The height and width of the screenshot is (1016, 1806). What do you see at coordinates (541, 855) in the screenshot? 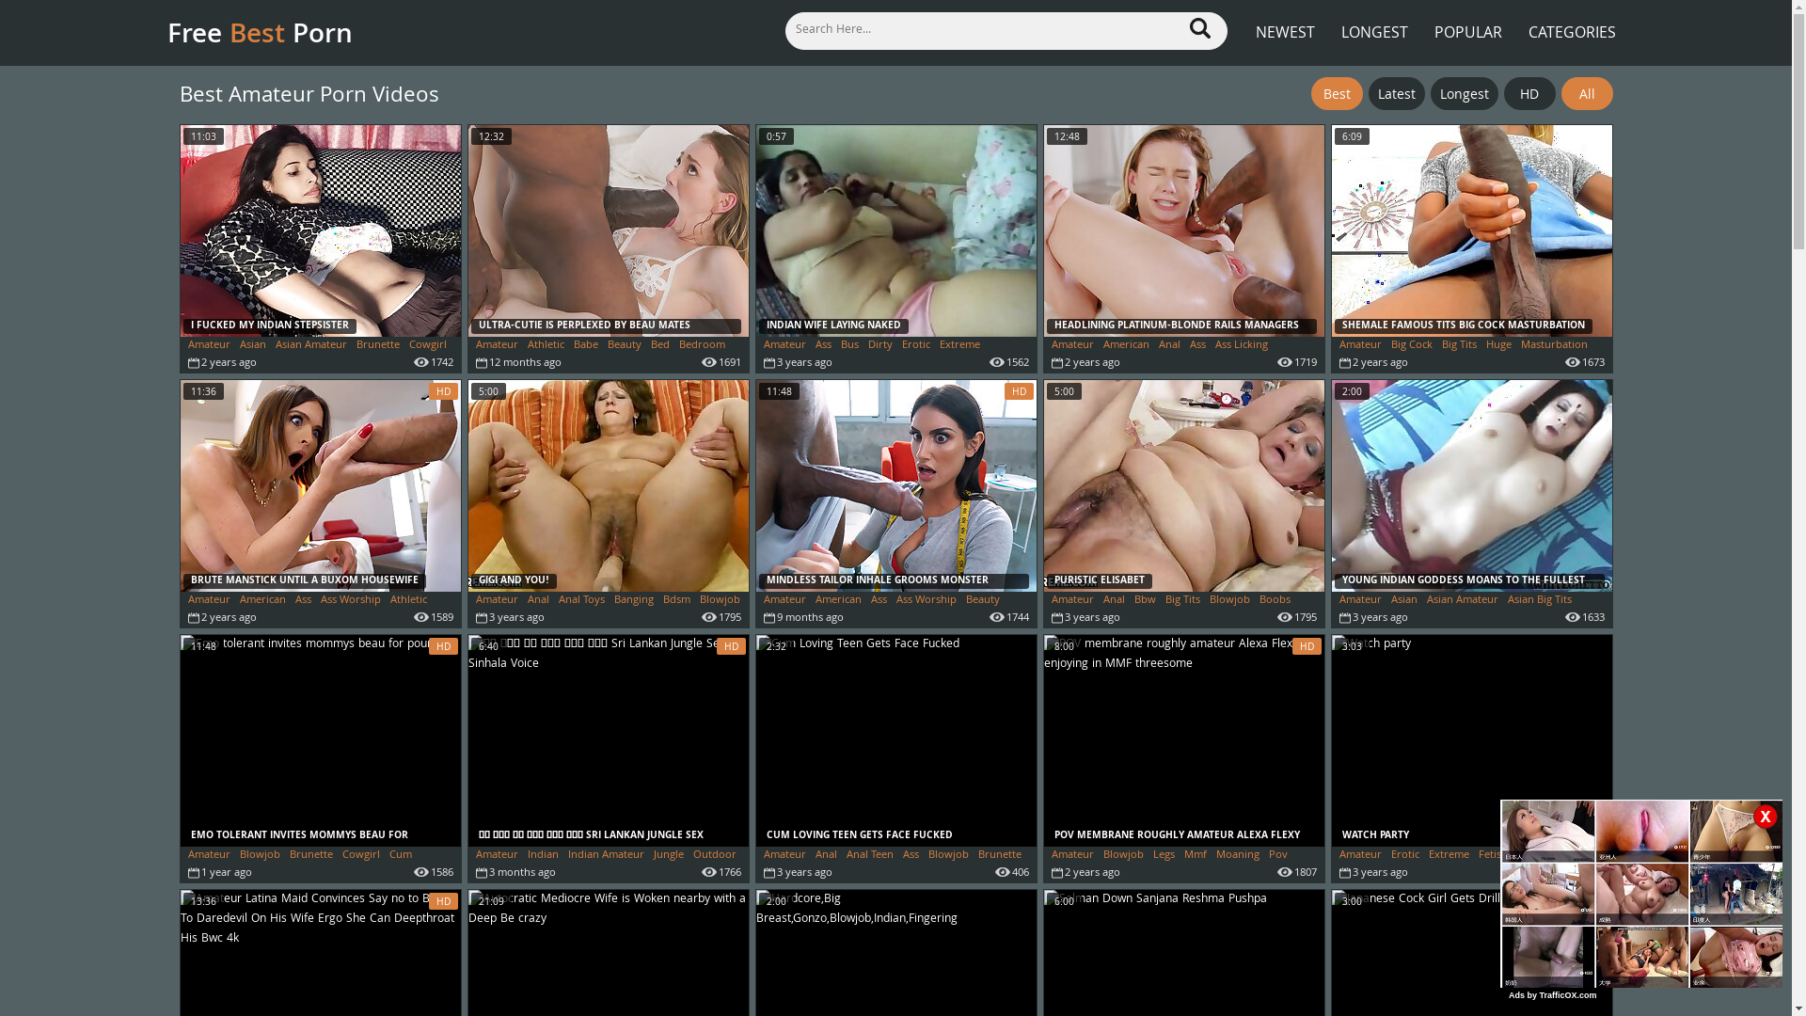
I see `'Indian'` at bounding box center [541, 855].